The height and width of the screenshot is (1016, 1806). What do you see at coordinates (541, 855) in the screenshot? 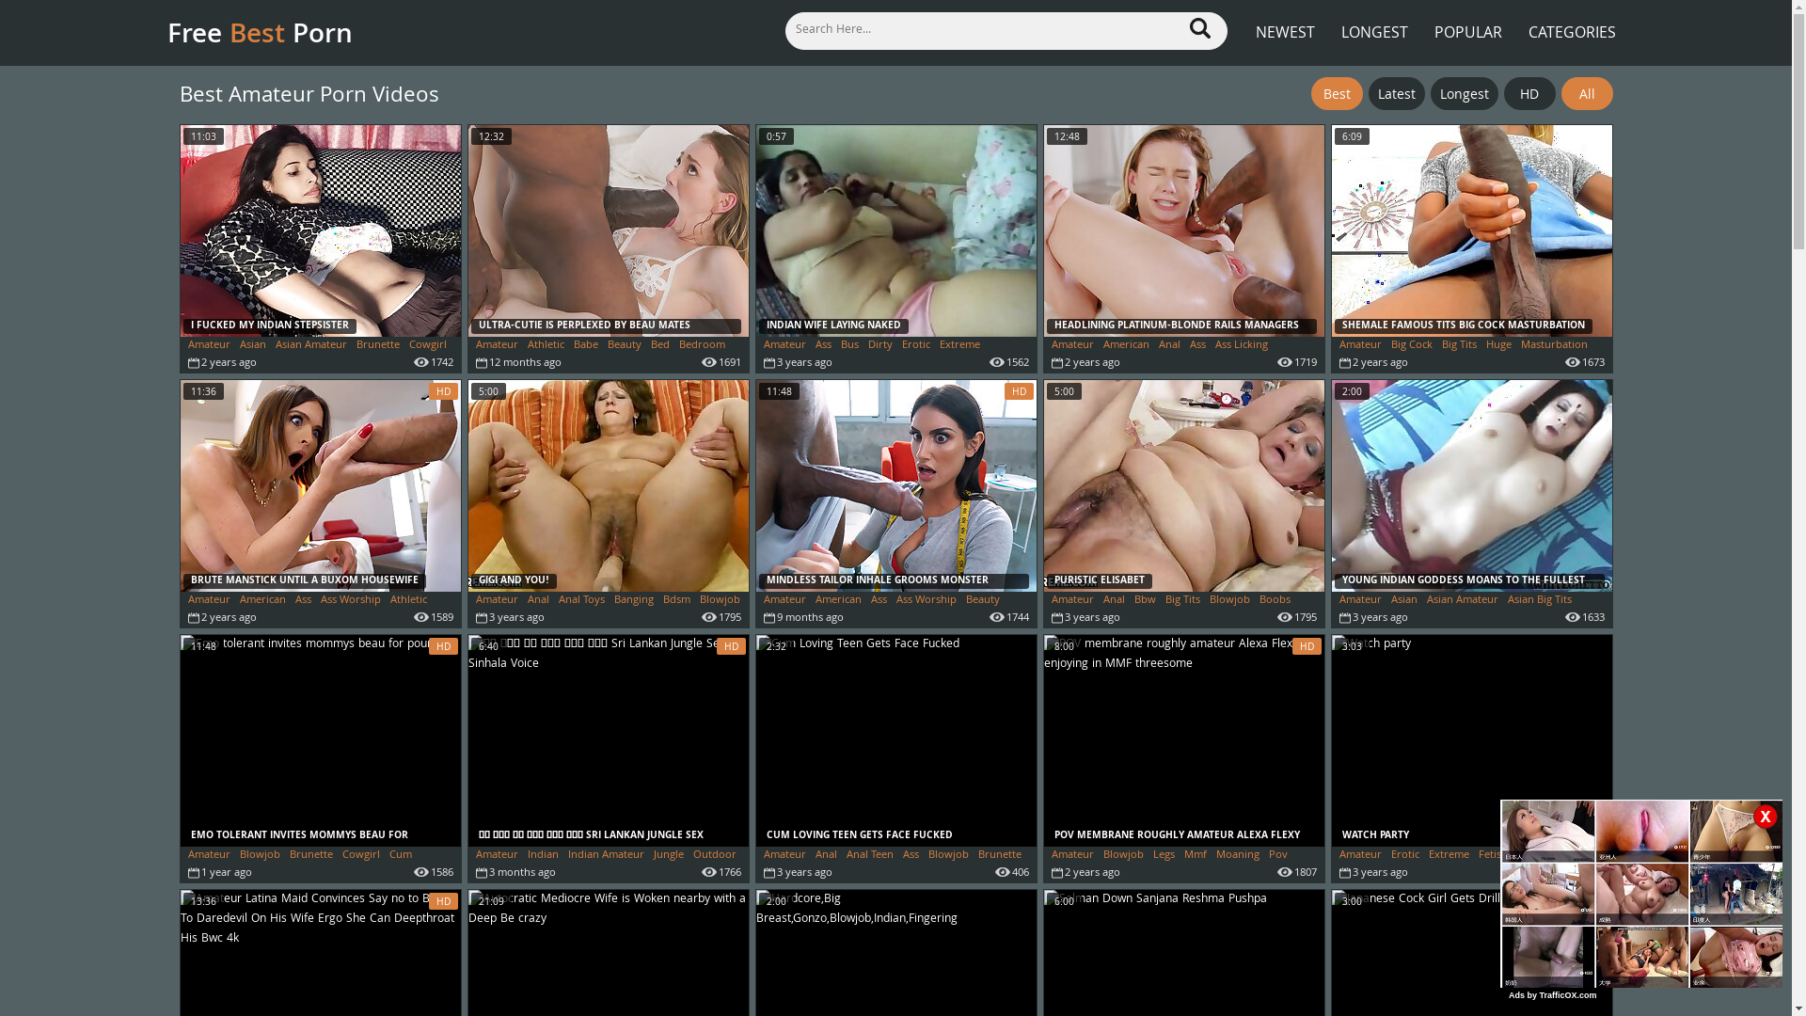
I see `'Indian'` at bounding box center [541, 855].